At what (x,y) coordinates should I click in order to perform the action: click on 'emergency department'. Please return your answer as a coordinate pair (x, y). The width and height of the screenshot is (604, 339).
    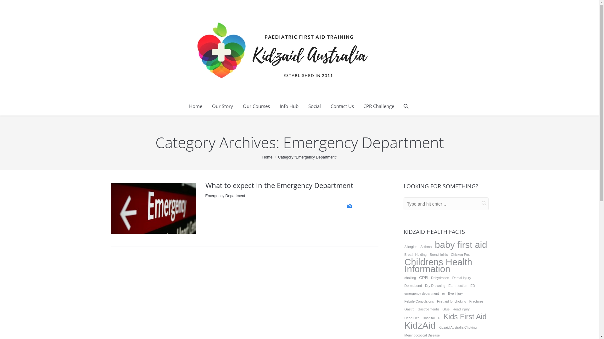
    Looking at the image, I should click on (421, 293).